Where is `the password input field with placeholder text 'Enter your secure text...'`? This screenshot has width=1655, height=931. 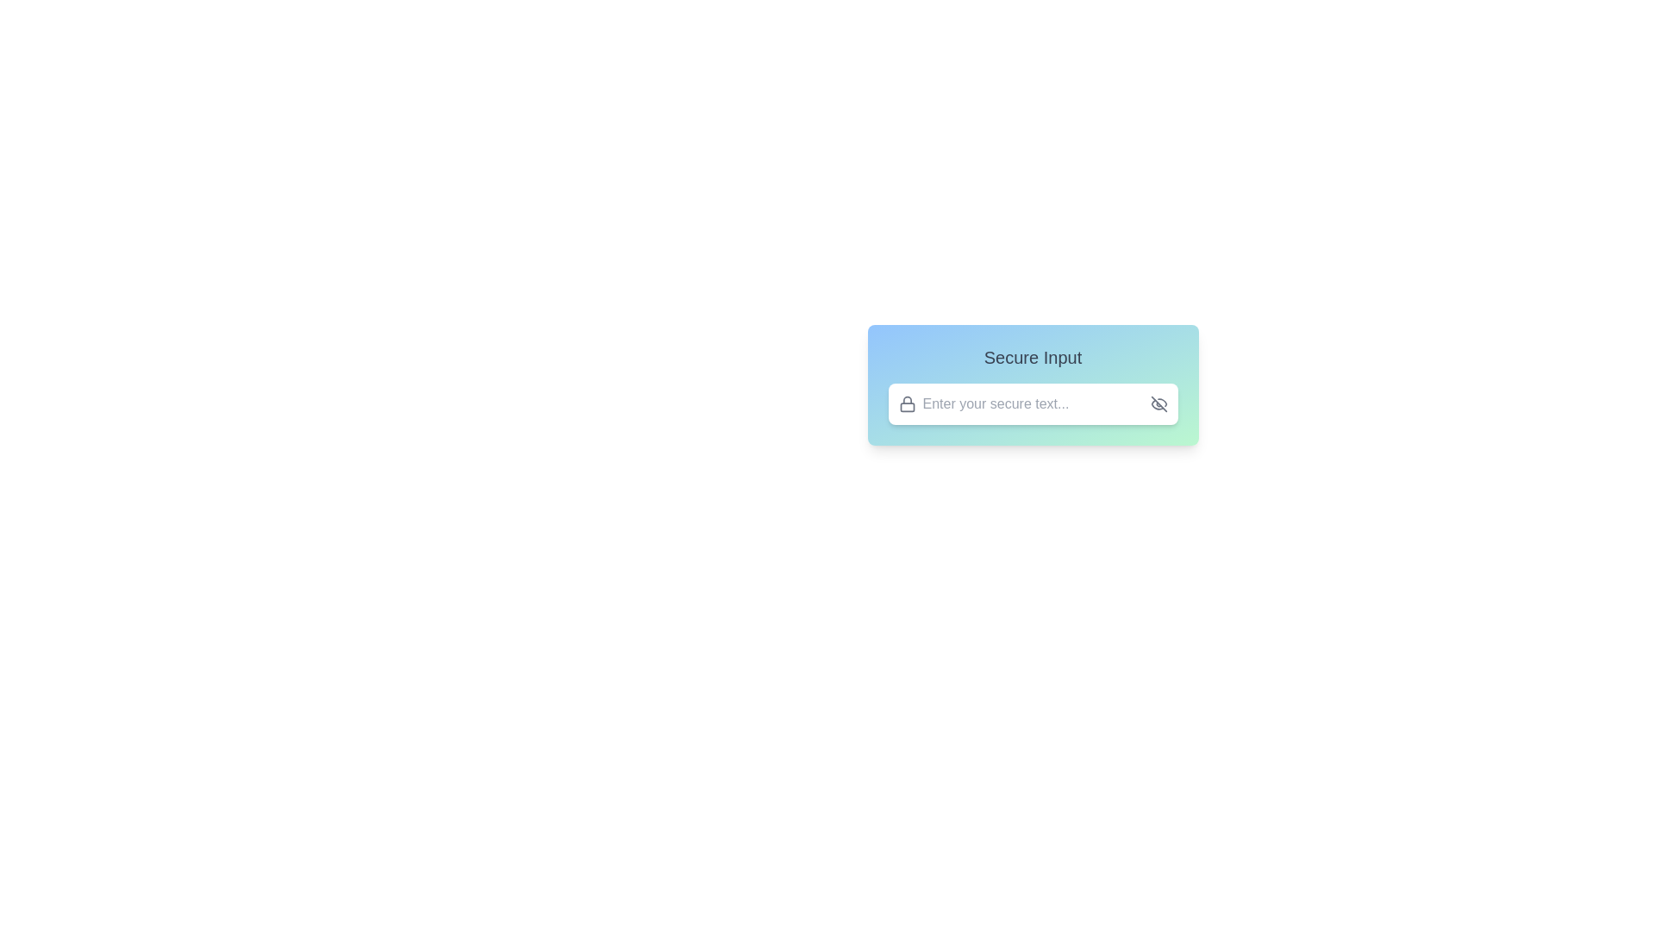
the password input field with placeholder text 'Enter your secure text...' is located at coordinates (1033, 404).